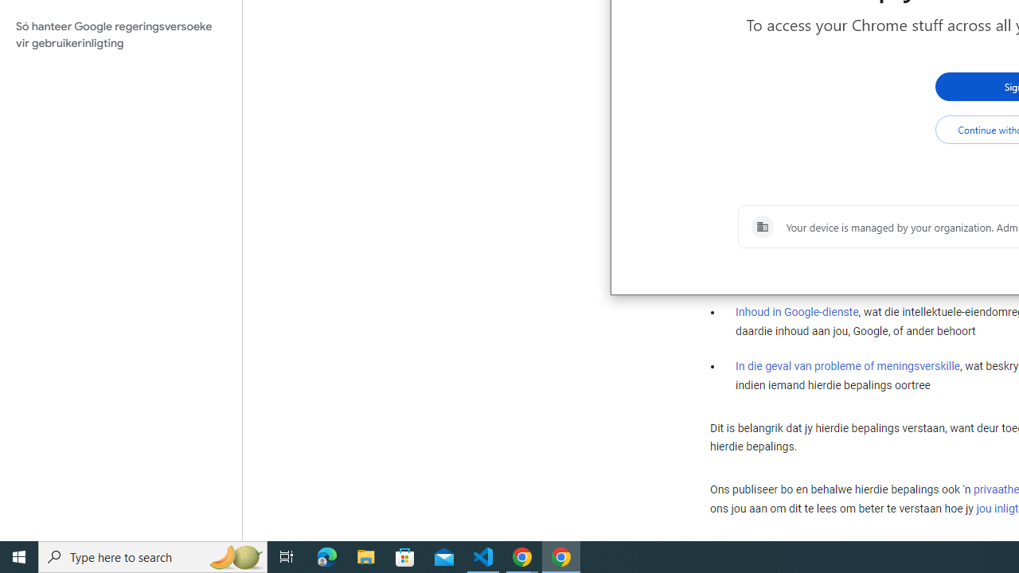 The width and height of the screenshot is (1019, 573). Describe the element at coordinates (19, 555) in the screenshot. I see `'Start'` at that location.